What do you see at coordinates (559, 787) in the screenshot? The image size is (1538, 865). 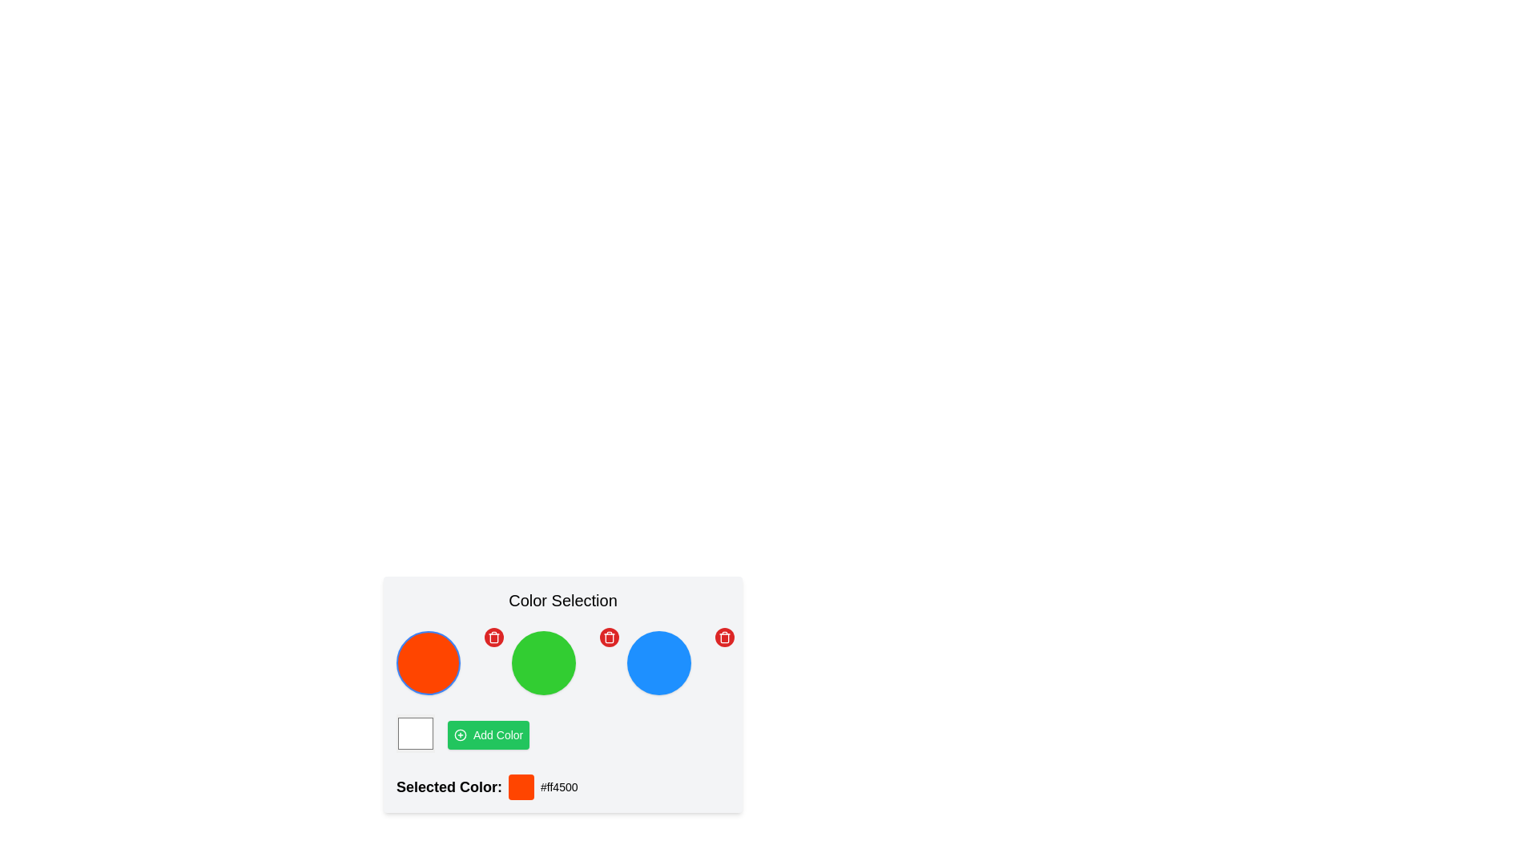 I see `the text label displaying the hexadecimal code of the currently selected color, located next to the colored square in the 'Selected Color:' section` at bounding box center [559, 787].